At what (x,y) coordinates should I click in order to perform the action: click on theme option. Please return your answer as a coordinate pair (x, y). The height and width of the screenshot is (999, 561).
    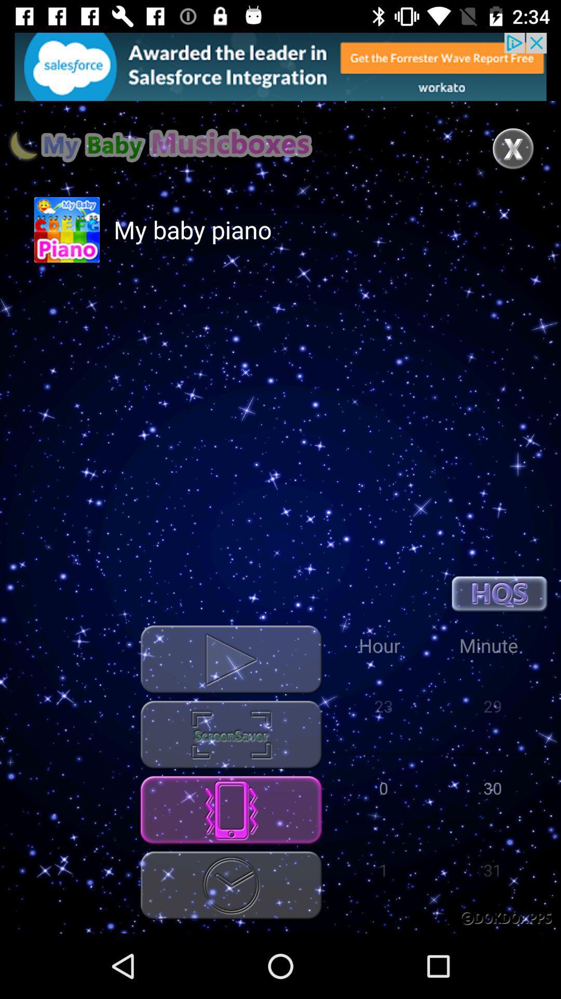
    Looking at the image, I should click on (231, 734).